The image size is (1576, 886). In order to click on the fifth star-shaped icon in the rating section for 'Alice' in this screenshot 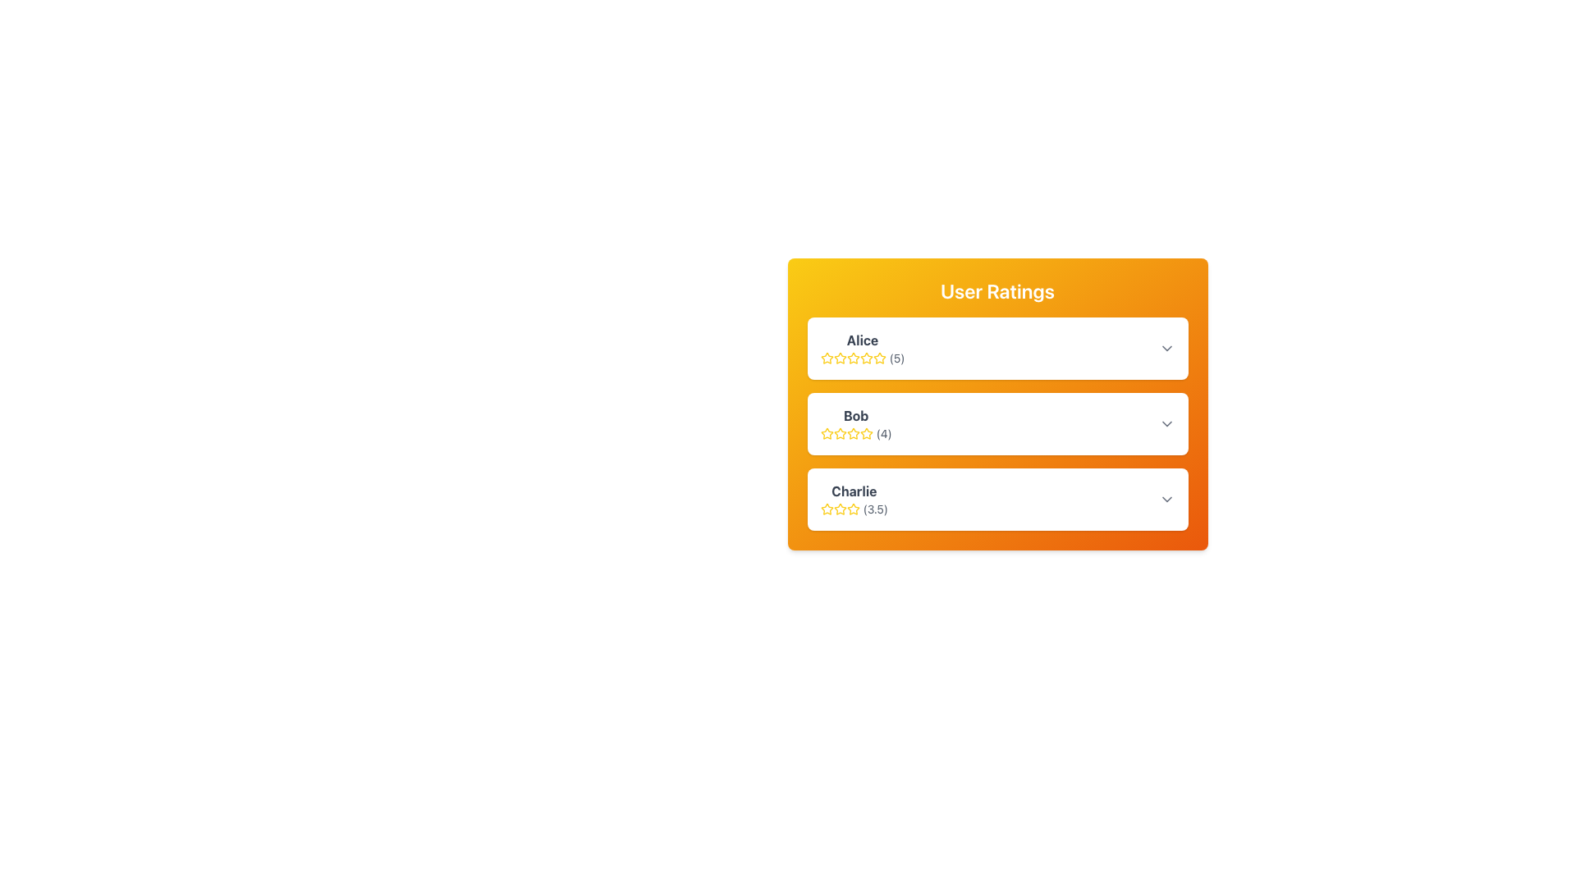, I will do `click(865, 357)`.